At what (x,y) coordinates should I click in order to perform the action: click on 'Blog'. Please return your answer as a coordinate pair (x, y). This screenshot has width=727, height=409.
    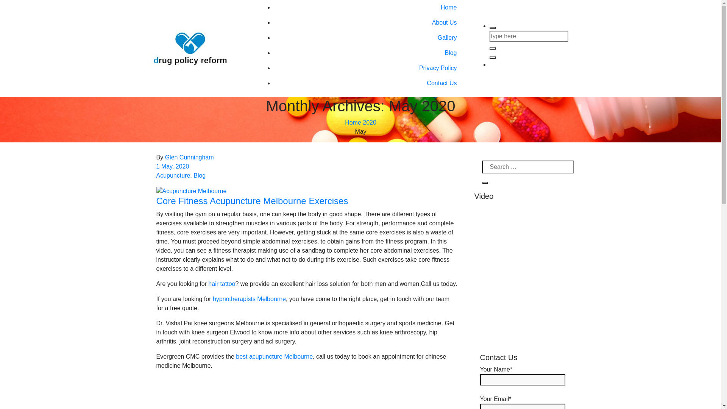
    Looking at the image, I should click on (193, 175).